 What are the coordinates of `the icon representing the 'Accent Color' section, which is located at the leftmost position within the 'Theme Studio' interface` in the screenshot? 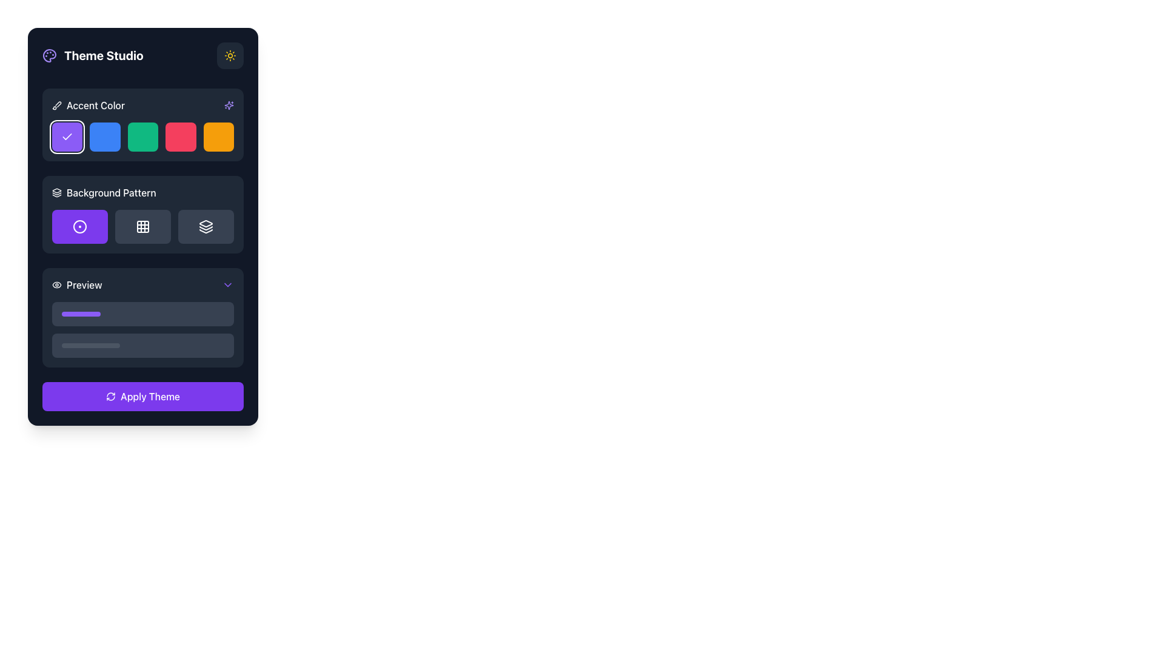 It's located at (56, 104).